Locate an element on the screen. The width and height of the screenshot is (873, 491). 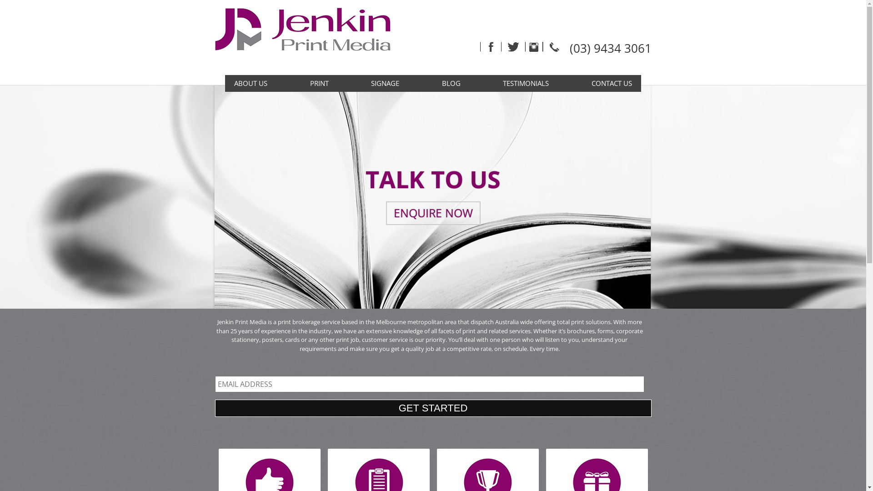
'BLOG' is located at coordinates (451, 83).